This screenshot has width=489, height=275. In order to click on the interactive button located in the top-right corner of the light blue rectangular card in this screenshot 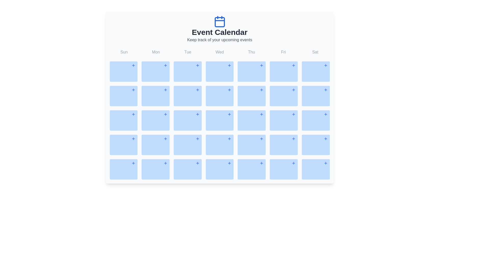, I will do `click(229, 90)`.